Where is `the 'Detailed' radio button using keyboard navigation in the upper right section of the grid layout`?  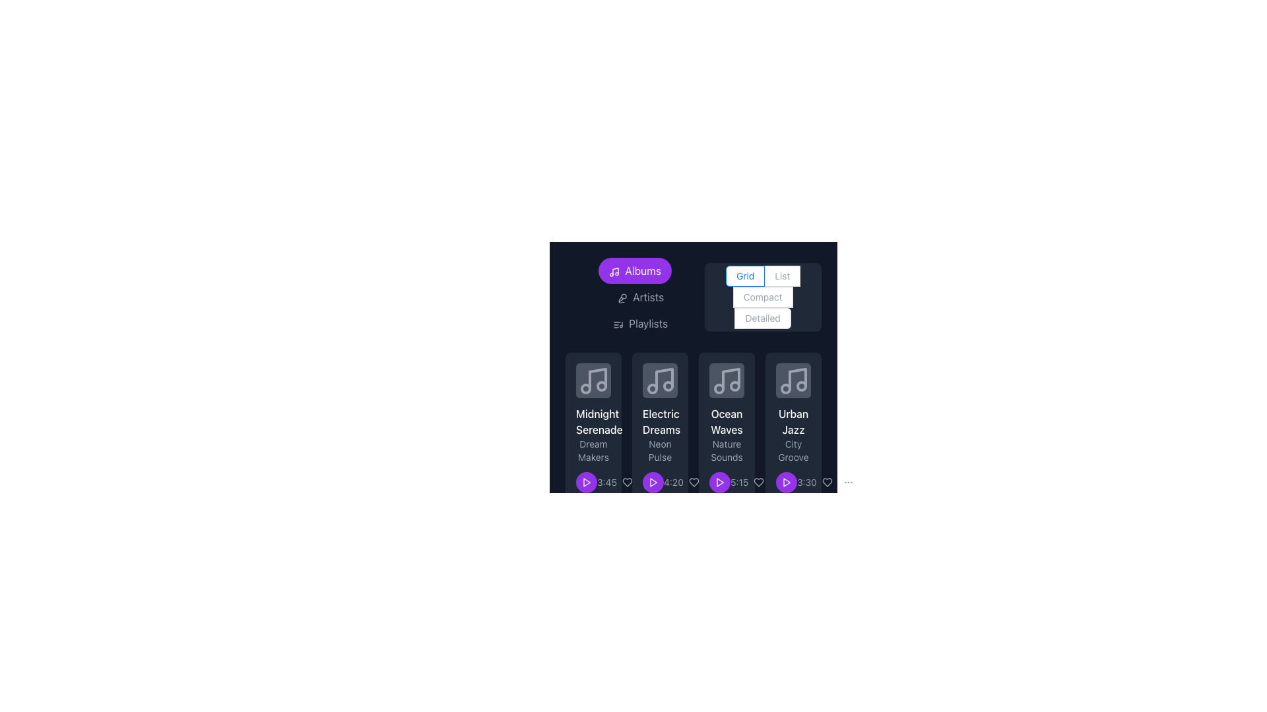 the 'Detailed' radio button using keyboard navigation in the upper right section of the grid layout is located at coordinates (763, 318).